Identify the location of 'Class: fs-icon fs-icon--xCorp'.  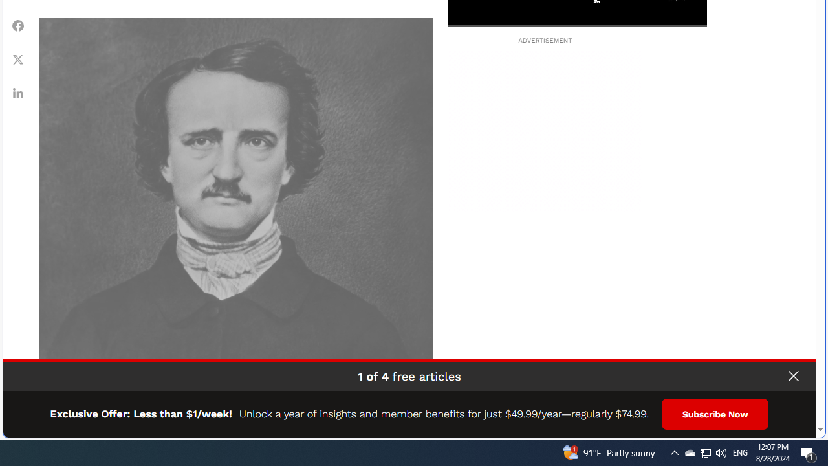
(18, 59).